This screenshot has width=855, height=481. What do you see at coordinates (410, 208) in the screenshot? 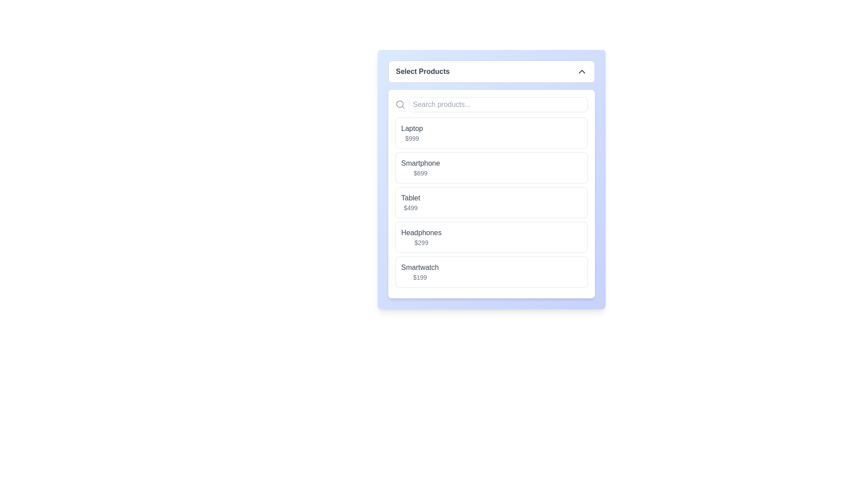
I see `the price label for the product 'Tablet', which indicates the cost of the item and is located under the 'Tablet' label in the product list` at bounding box center [410, 208].